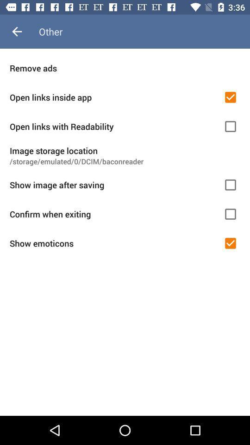 Image resolution: width=250 pixels, height=445 pixels. I want to click on the item next to other item, so click(17, 32).